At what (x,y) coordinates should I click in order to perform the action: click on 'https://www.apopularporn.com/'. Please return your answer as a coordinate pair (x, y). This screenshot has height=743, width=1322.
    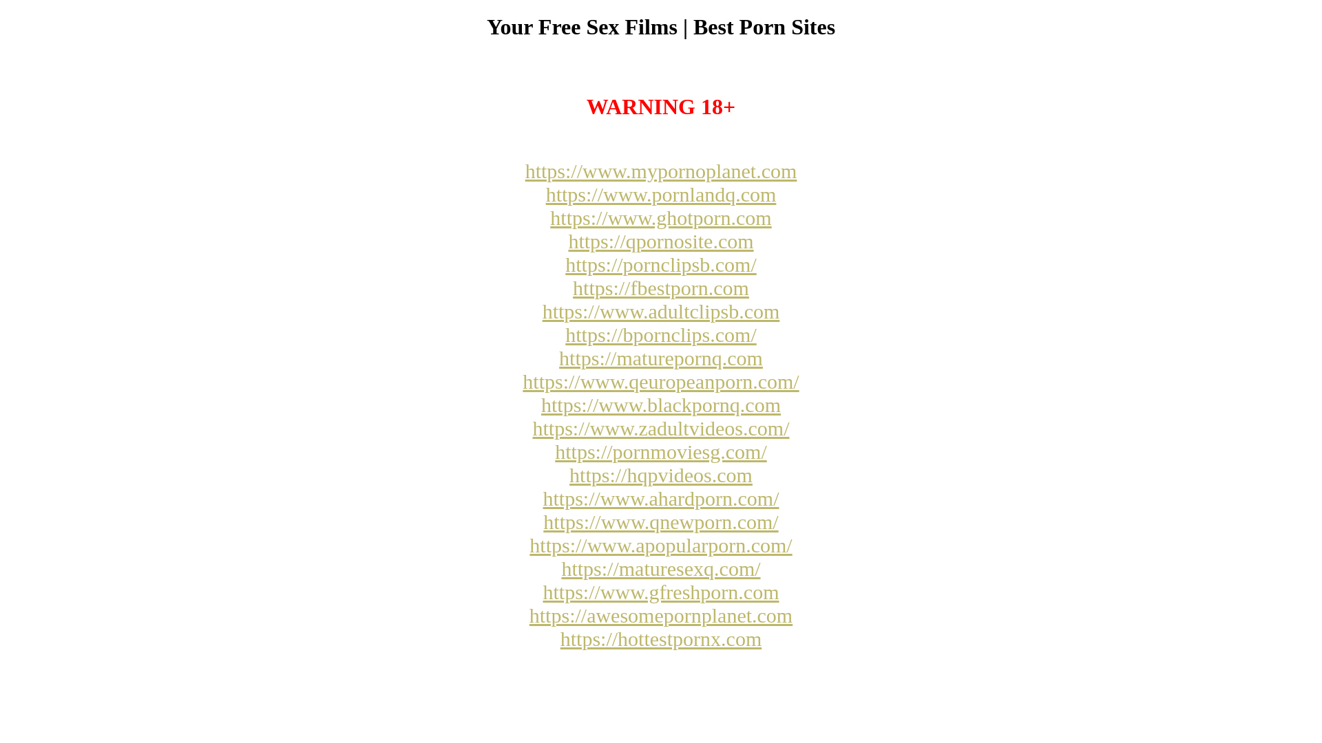
    Looking at the image, I should click on (660, 544).